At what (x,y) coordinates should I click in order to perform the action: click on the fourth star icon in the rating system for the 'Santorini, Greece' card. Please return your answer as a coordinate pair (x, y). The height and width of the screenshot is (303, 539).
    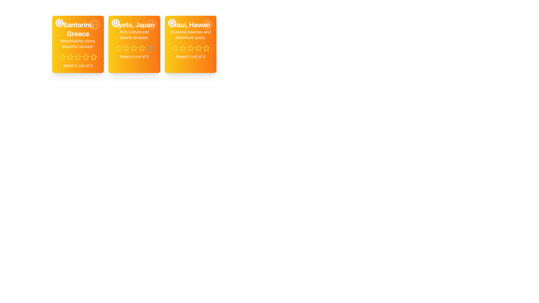
    Looking at the image, I should click on (86, 57).